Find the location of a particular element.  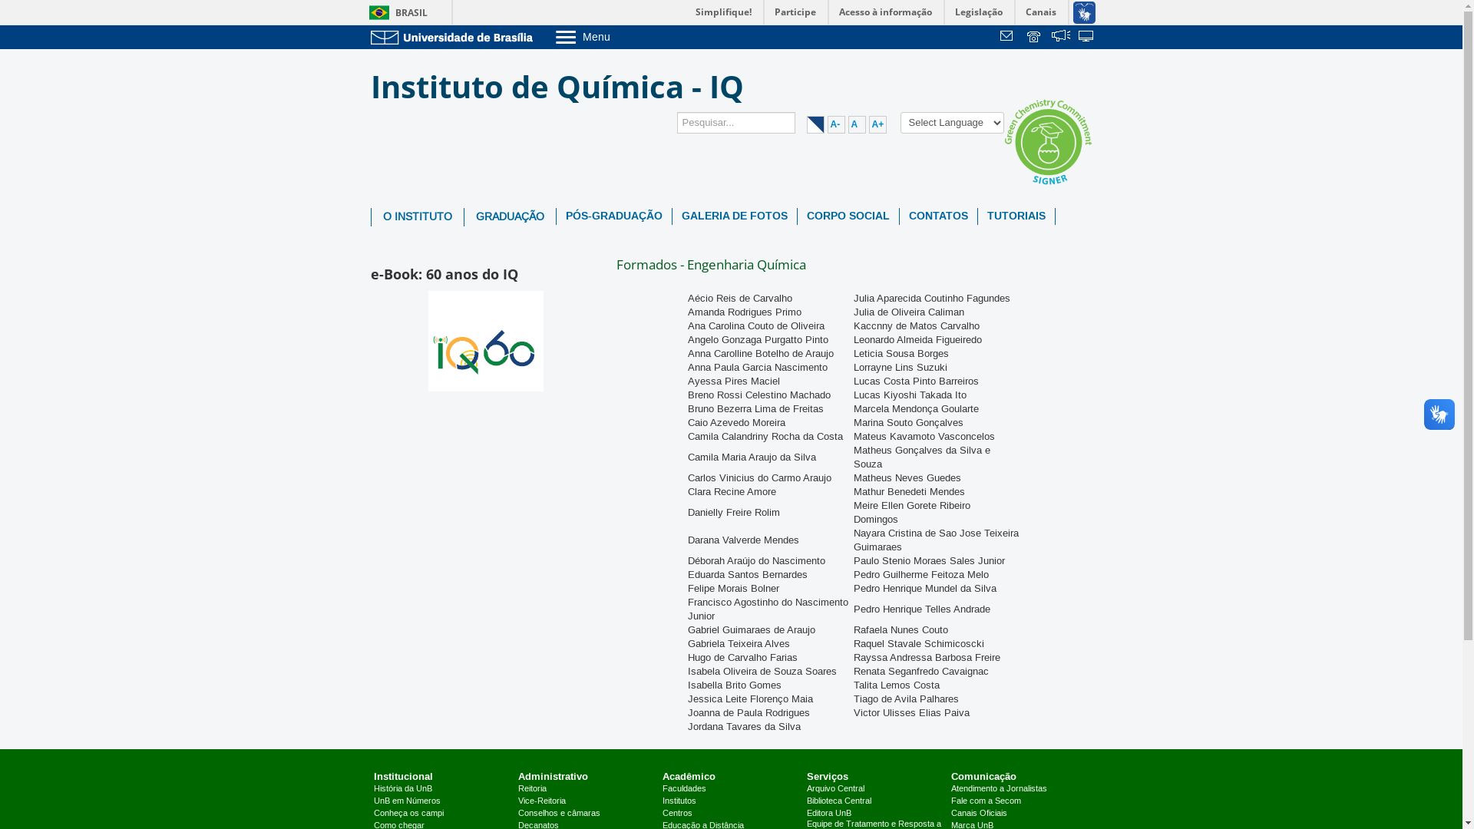

'Fala.BR' is located at coordinates (1060, 37).